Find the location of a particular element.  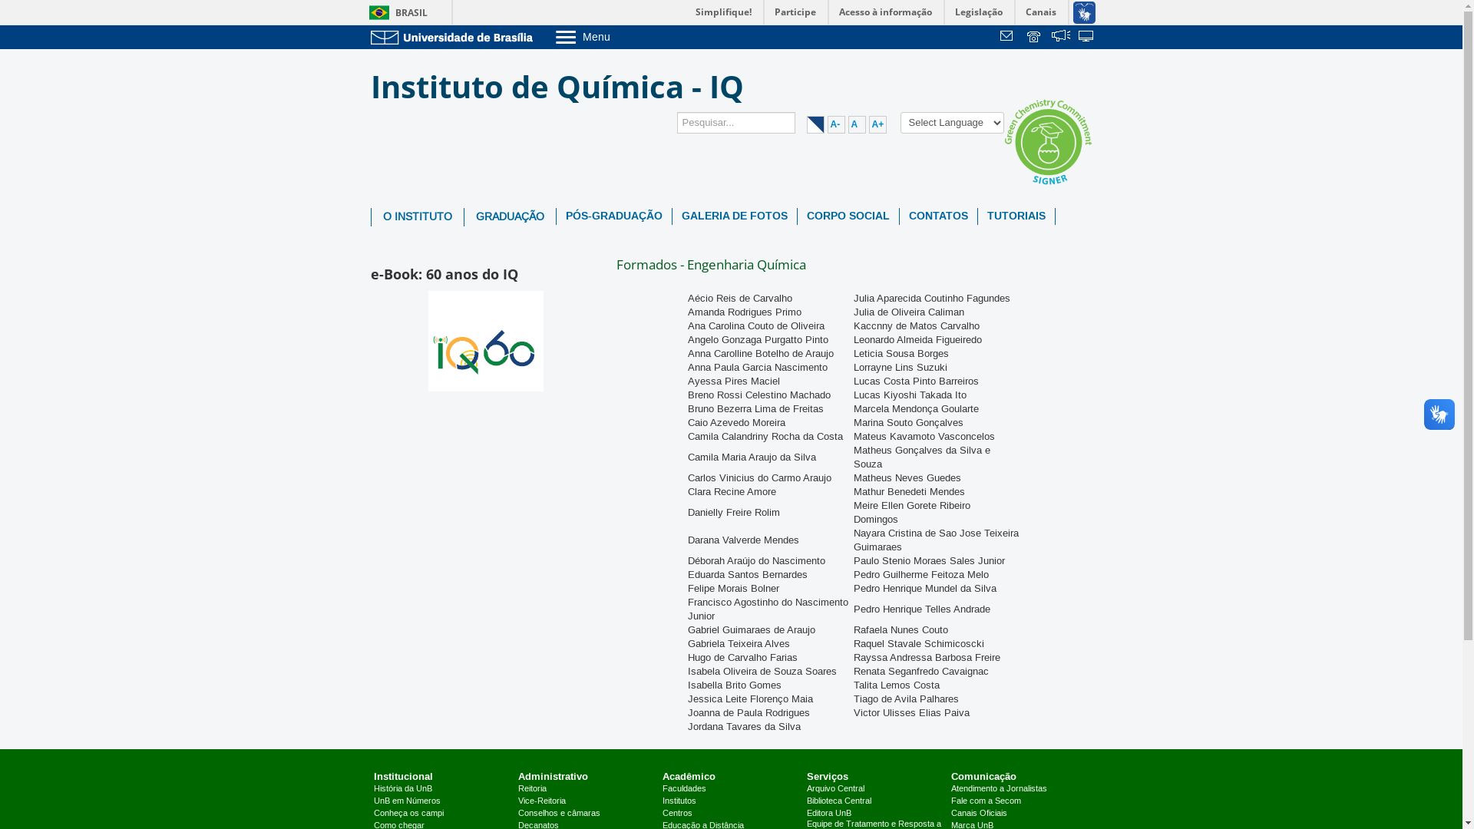

'Fala.BR' is located at coordinates (1060, 37).